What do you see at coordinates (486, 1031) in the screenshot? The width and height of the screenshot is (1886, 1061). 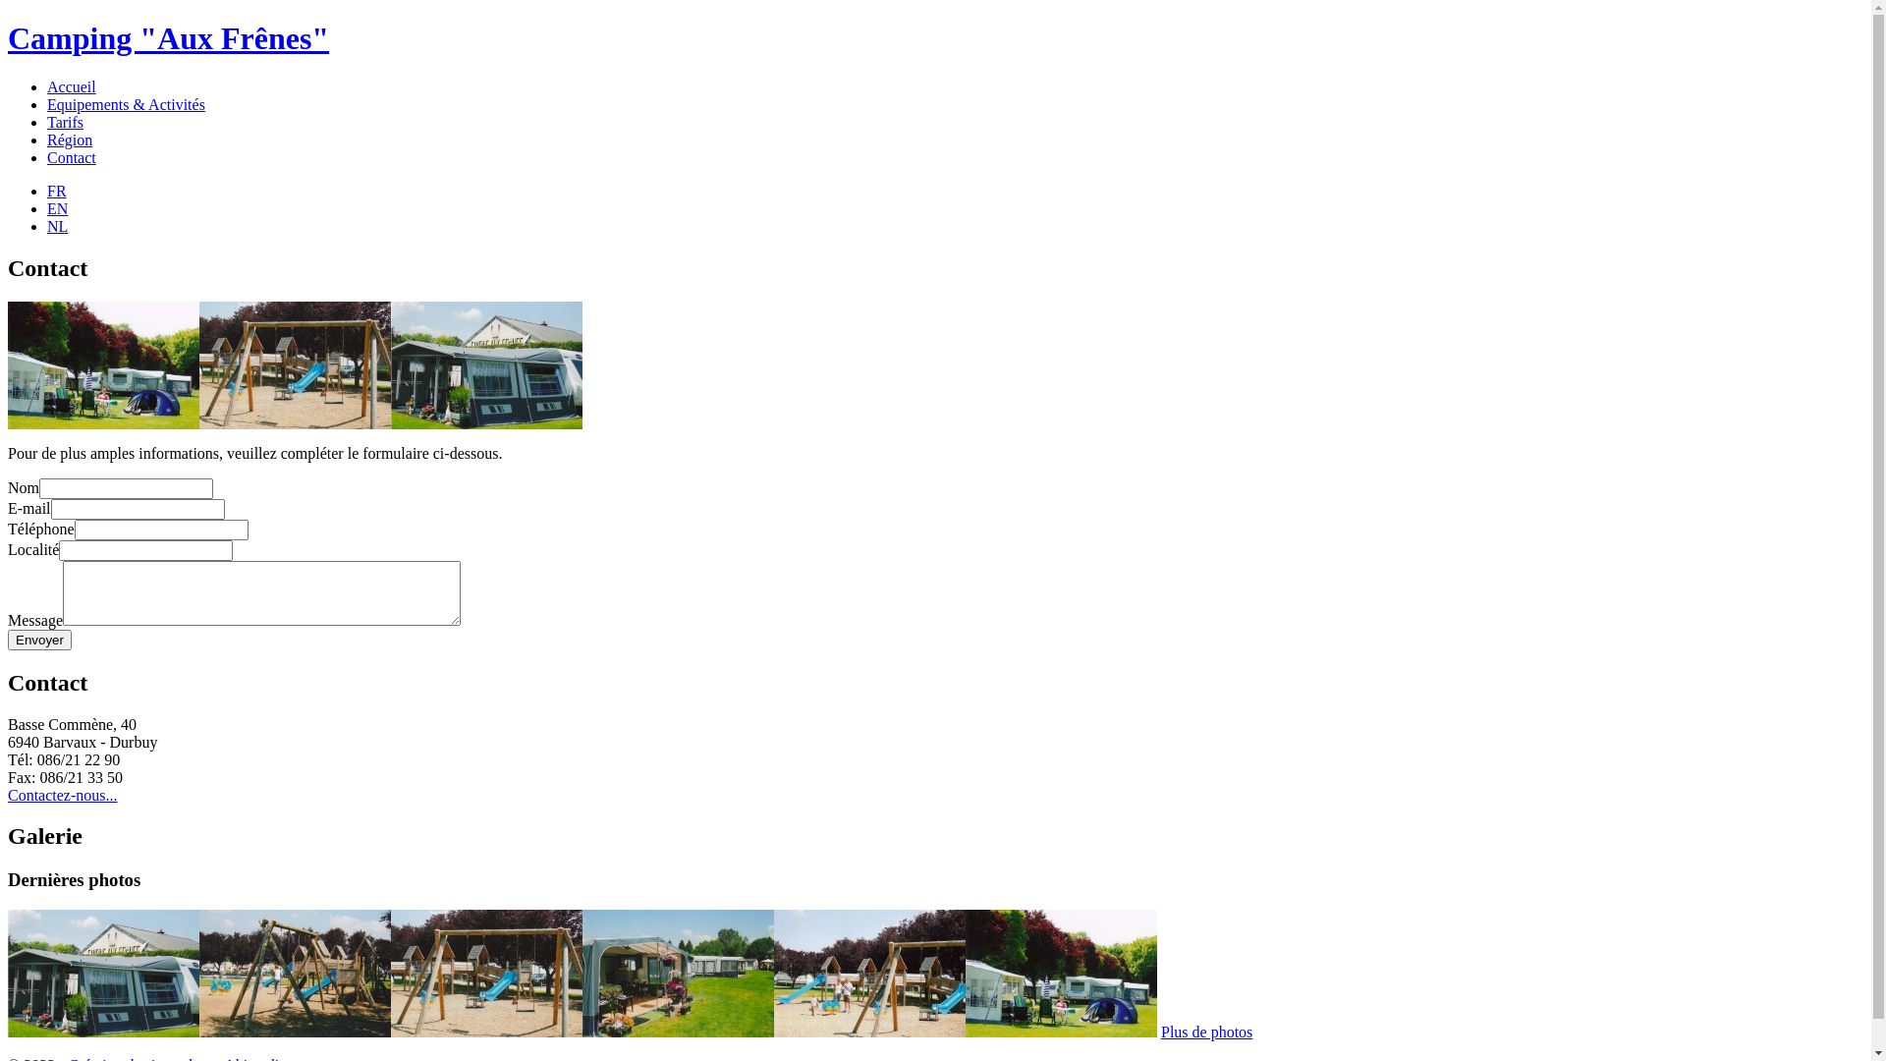 I see `'Plaine de jeux'` at bounding box center [486, 1031].